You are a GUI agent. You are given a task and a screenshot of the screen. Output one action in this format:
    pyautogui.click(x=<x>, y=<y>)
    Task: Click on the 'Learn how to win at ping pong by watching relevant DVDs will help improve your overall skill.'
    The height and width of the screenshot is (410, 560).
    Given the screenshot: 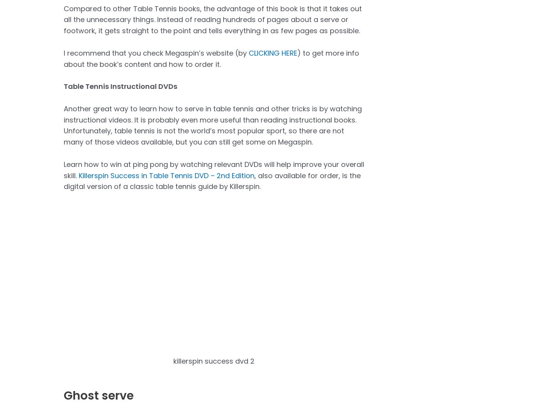 What is the action you would take?
    pyautogui.click(x=63, y=170)
    